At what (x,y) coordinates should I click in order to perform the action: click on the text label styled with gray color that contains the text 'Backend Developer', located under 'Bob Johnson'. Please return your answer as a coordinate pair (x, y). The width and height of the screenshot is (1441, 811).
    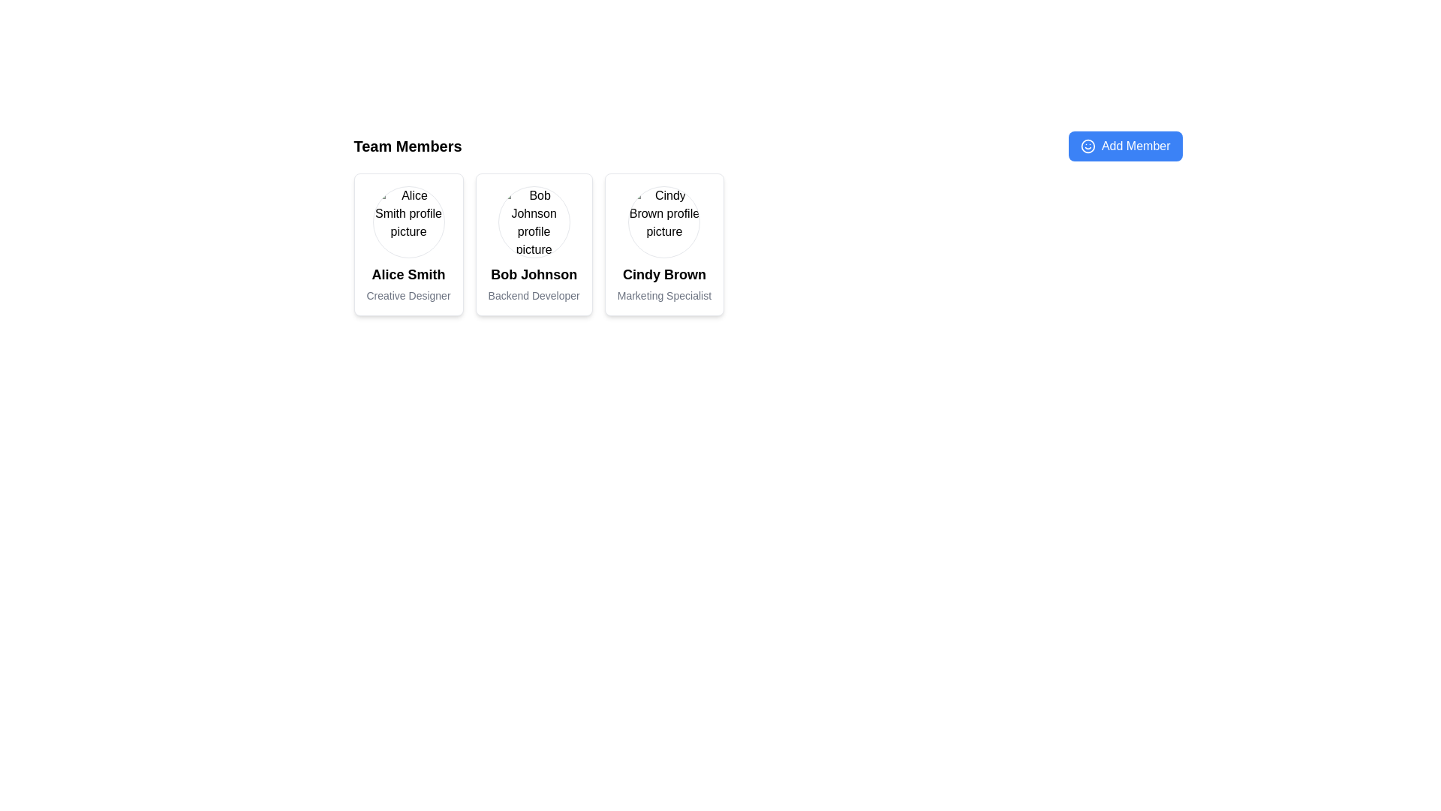
    Looking at the image, I should click on (534, 295).